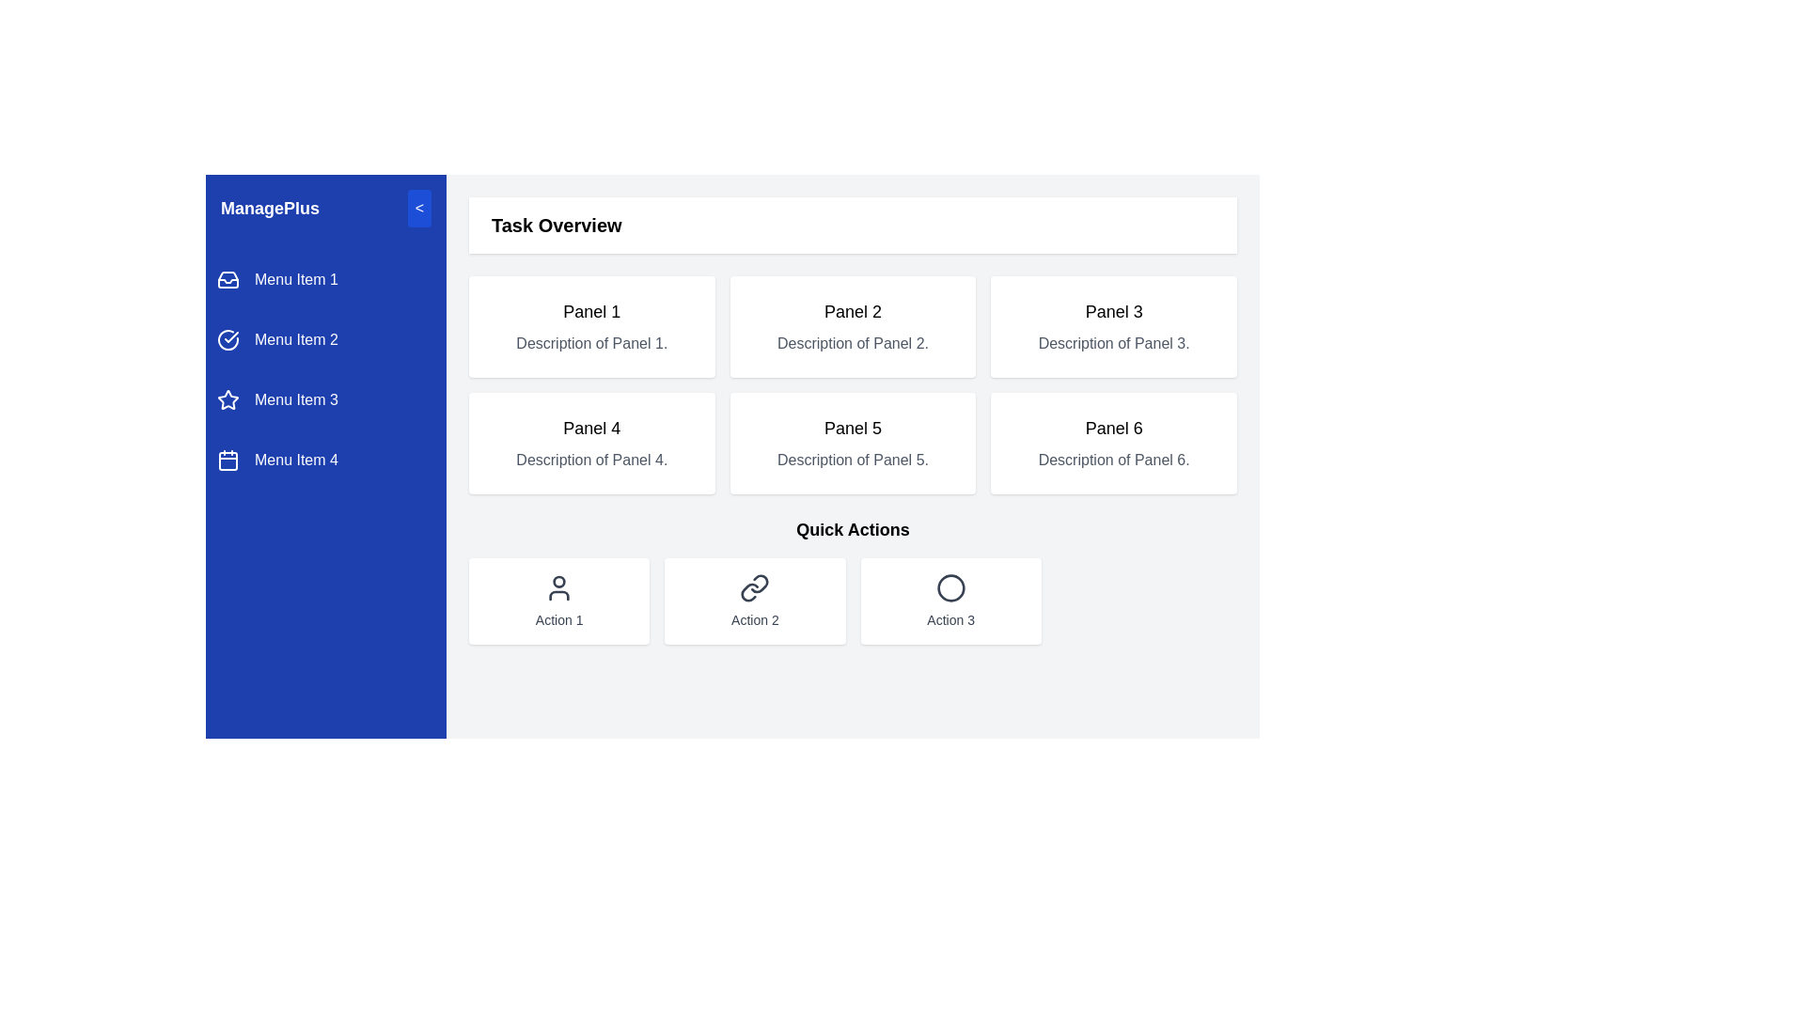 The height and width of the screenshot is (1015, 1805). Describe the element at coordinates (852, 579) in the screenshot. I see `the 'Quick Actions' section` at that location.